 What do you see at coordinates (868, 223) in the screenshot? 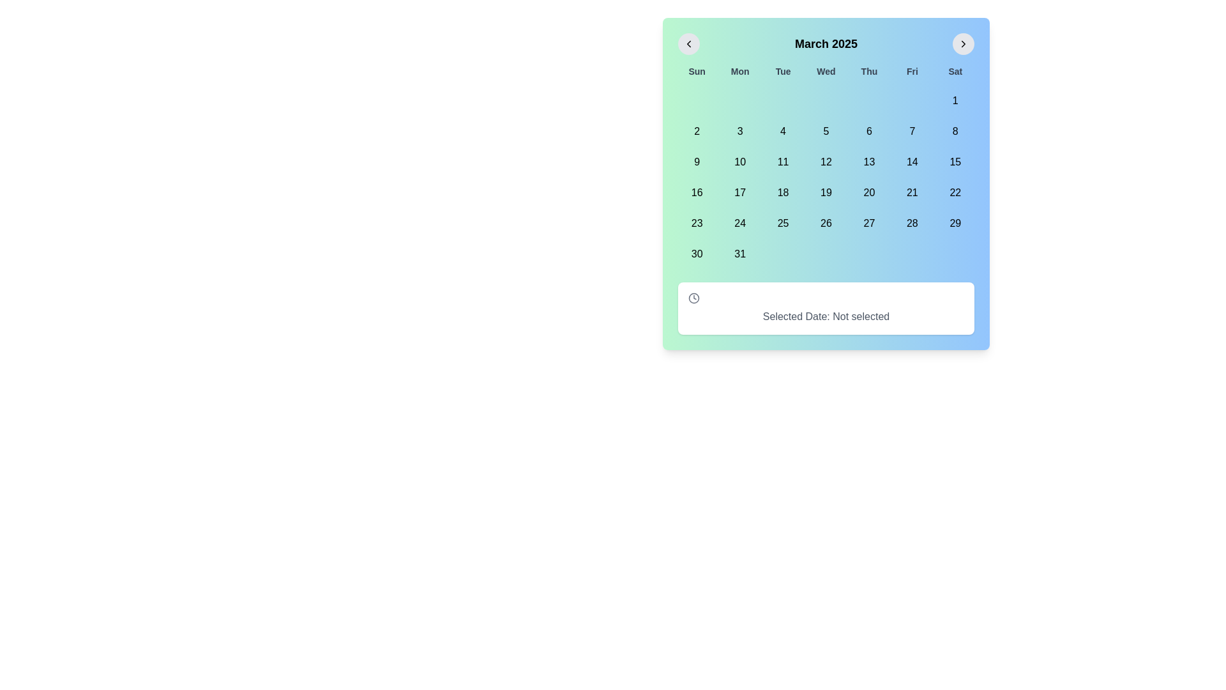
I see `the button displaying the number '27'` at bounding box center [868, 223].